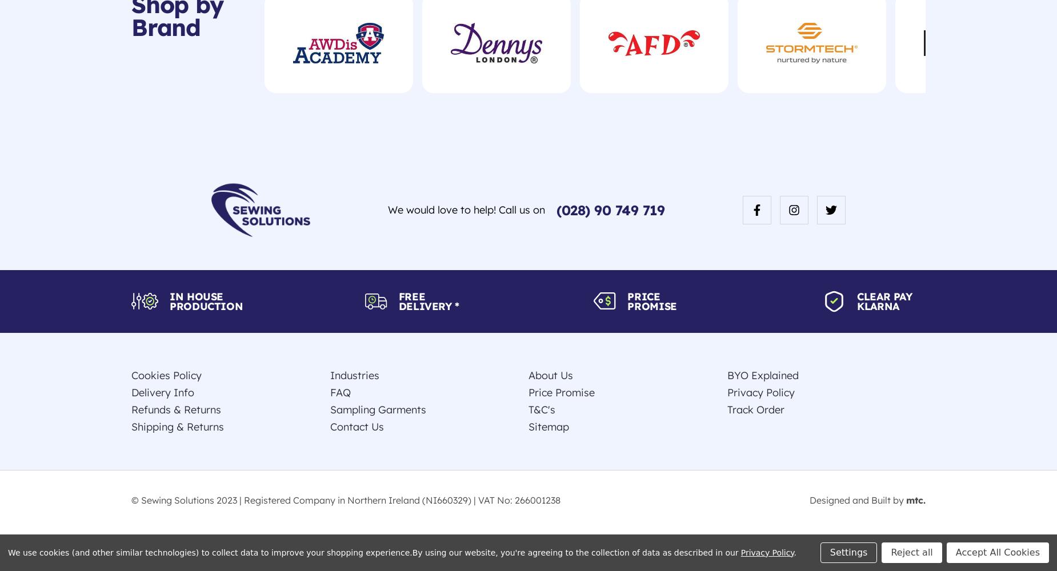  What do you see at coordinates (739, 552) in the screenshot?
I see `'Privacy Policy'` at bounding box center [739, 552].